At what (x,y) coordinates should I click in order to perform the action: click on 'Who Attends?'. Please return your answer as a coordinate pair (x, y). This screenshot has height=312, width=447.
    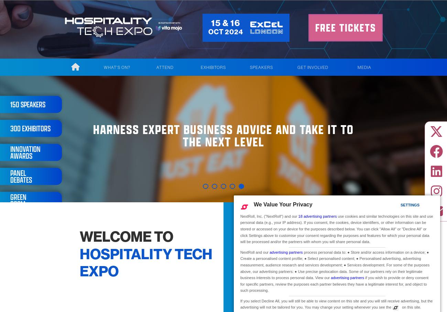
    Looking at the image, I should click on (161, 96).